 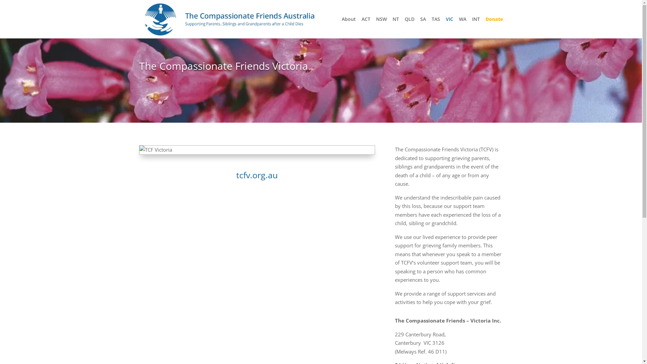 What do you see at coordinates (449, 27) in the screenshot?
I see `'VIC'` at bounding box center [449, 27].